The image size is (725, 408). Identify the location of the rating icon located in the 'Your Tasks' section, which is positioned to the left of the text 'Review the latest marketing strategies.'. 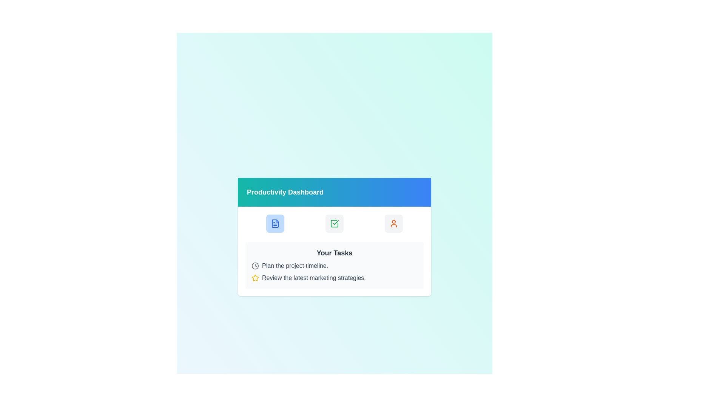
(255, 278).